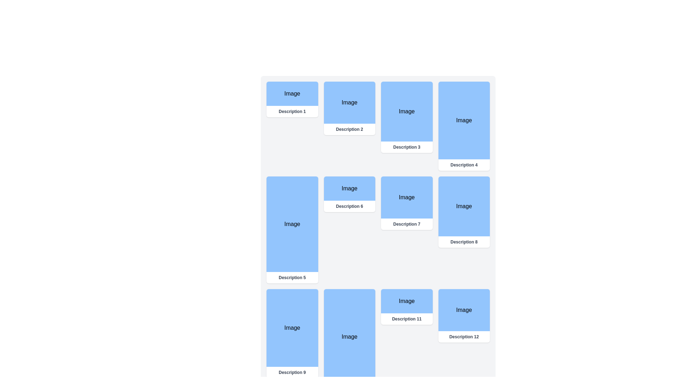  I want to click on the image of the Card Panel located in the second row and fourth column of the grid layout, which has descriptive text below the image, so click(464, 211).